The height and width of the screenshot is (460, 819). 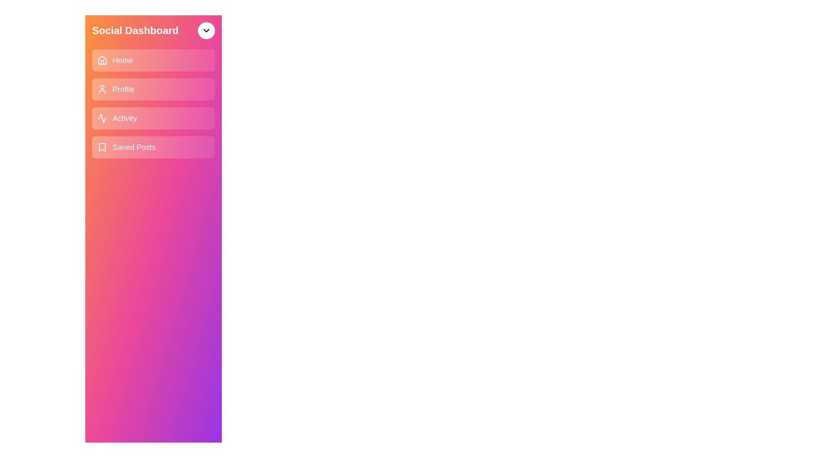 I want to click on the menu item Profile from the list, so click(x=154, y=89).